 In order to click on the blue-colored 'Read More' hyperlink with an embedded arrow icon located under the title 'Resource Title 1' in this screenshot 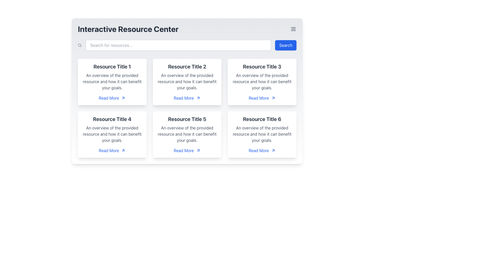, I will do `click(112, 98)`.